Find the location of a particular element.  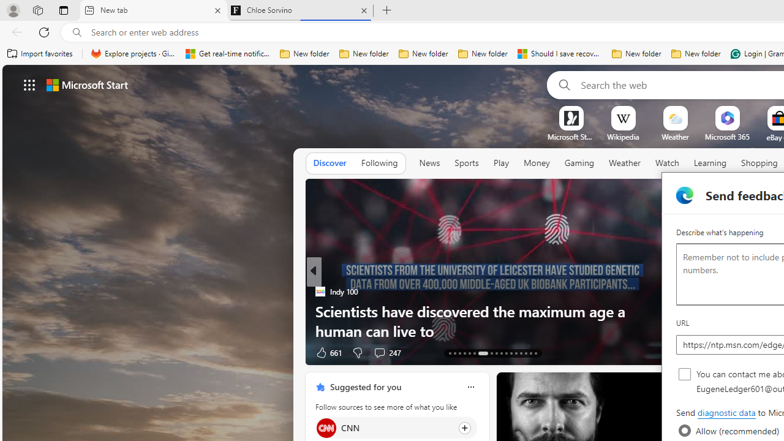

'Chloe Sorvino' is located at coordinates (300, 10).